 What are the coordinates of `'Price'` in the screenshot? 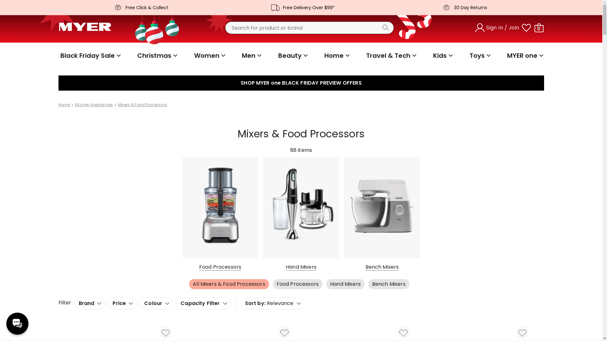 It's located at (122, 303).